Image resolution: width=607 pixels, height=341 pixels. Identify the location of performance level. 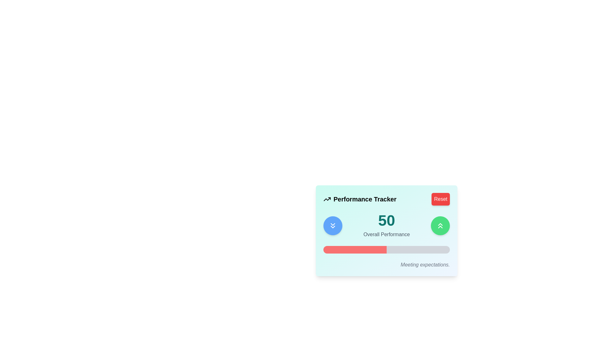
(376, 249).